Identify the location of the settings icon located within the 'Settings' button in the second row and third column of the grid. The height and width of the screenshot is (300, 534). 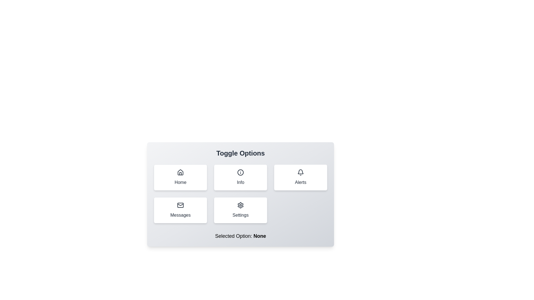
(240, 205).